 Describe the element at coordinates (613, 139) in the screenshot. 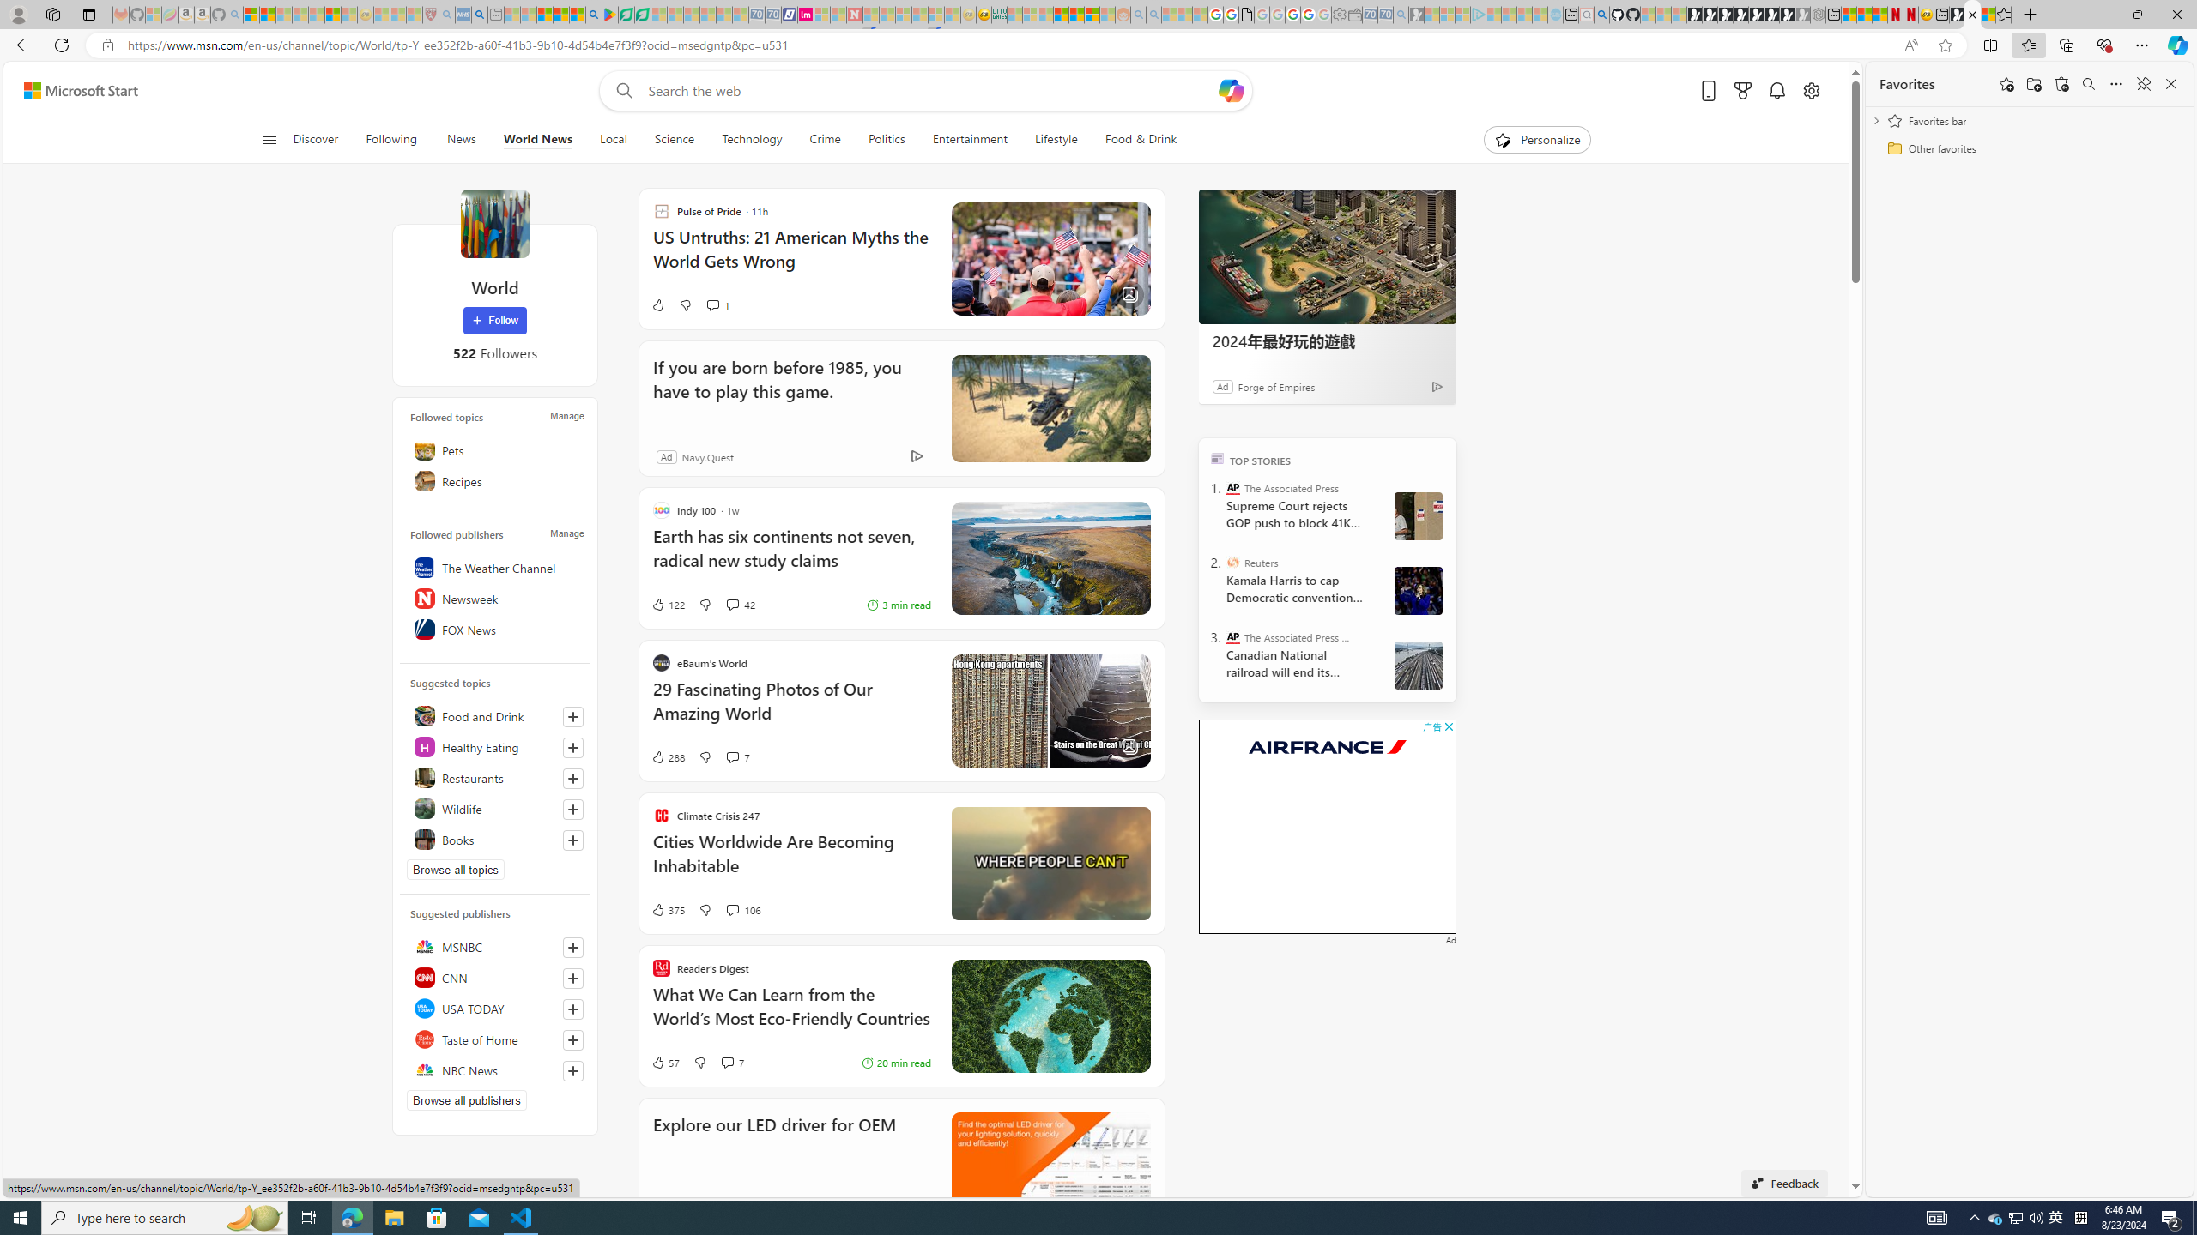

I see `'Local'` at that location.